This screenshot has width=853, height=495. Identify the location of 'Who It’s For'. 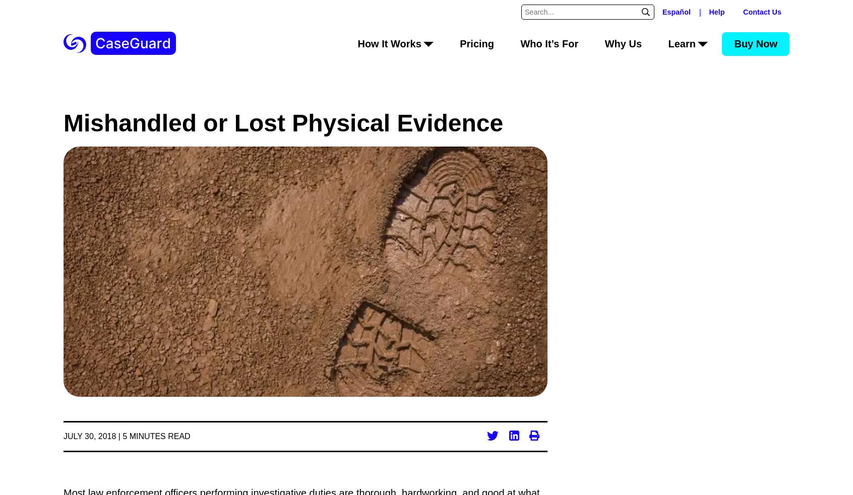
(549, 43).